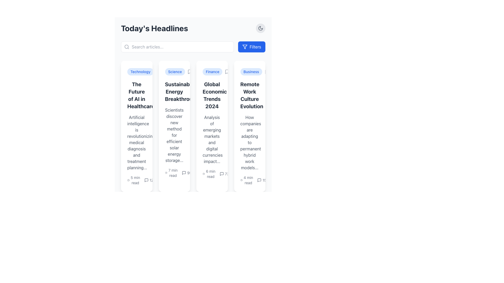 This screenshot has height=283, width=504. I want to click on the clock icon representing the estimated reading time for the 'Remote Work Culture Evolution' article, located in the information panel before the '4 min read' text, so click(241, 180).